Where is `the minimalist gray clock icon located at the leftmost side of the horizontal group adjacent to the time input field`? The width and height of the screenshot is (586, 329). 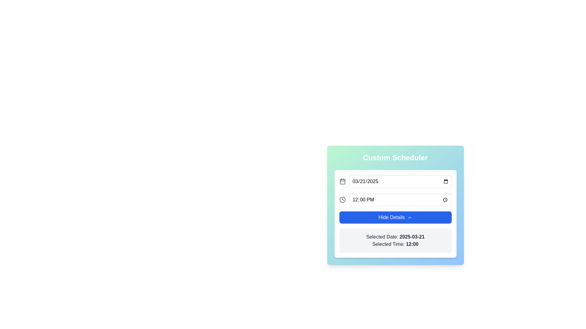
the minimalist gray clock icon located at the leftmost side of the horizontal group adjacent to the time input field is located at coordinates (342, 200).